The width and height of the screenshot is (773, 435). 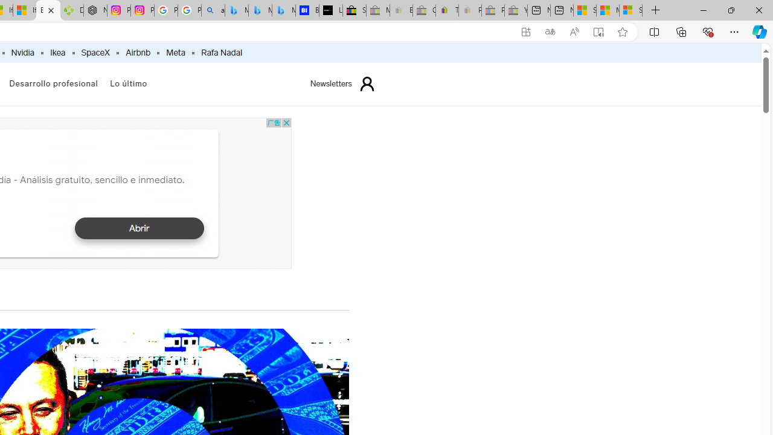 What do you see at coordinates (549, 31) in the screenshot?
I see `'Show translate options'` at bounding box center [549, 31].